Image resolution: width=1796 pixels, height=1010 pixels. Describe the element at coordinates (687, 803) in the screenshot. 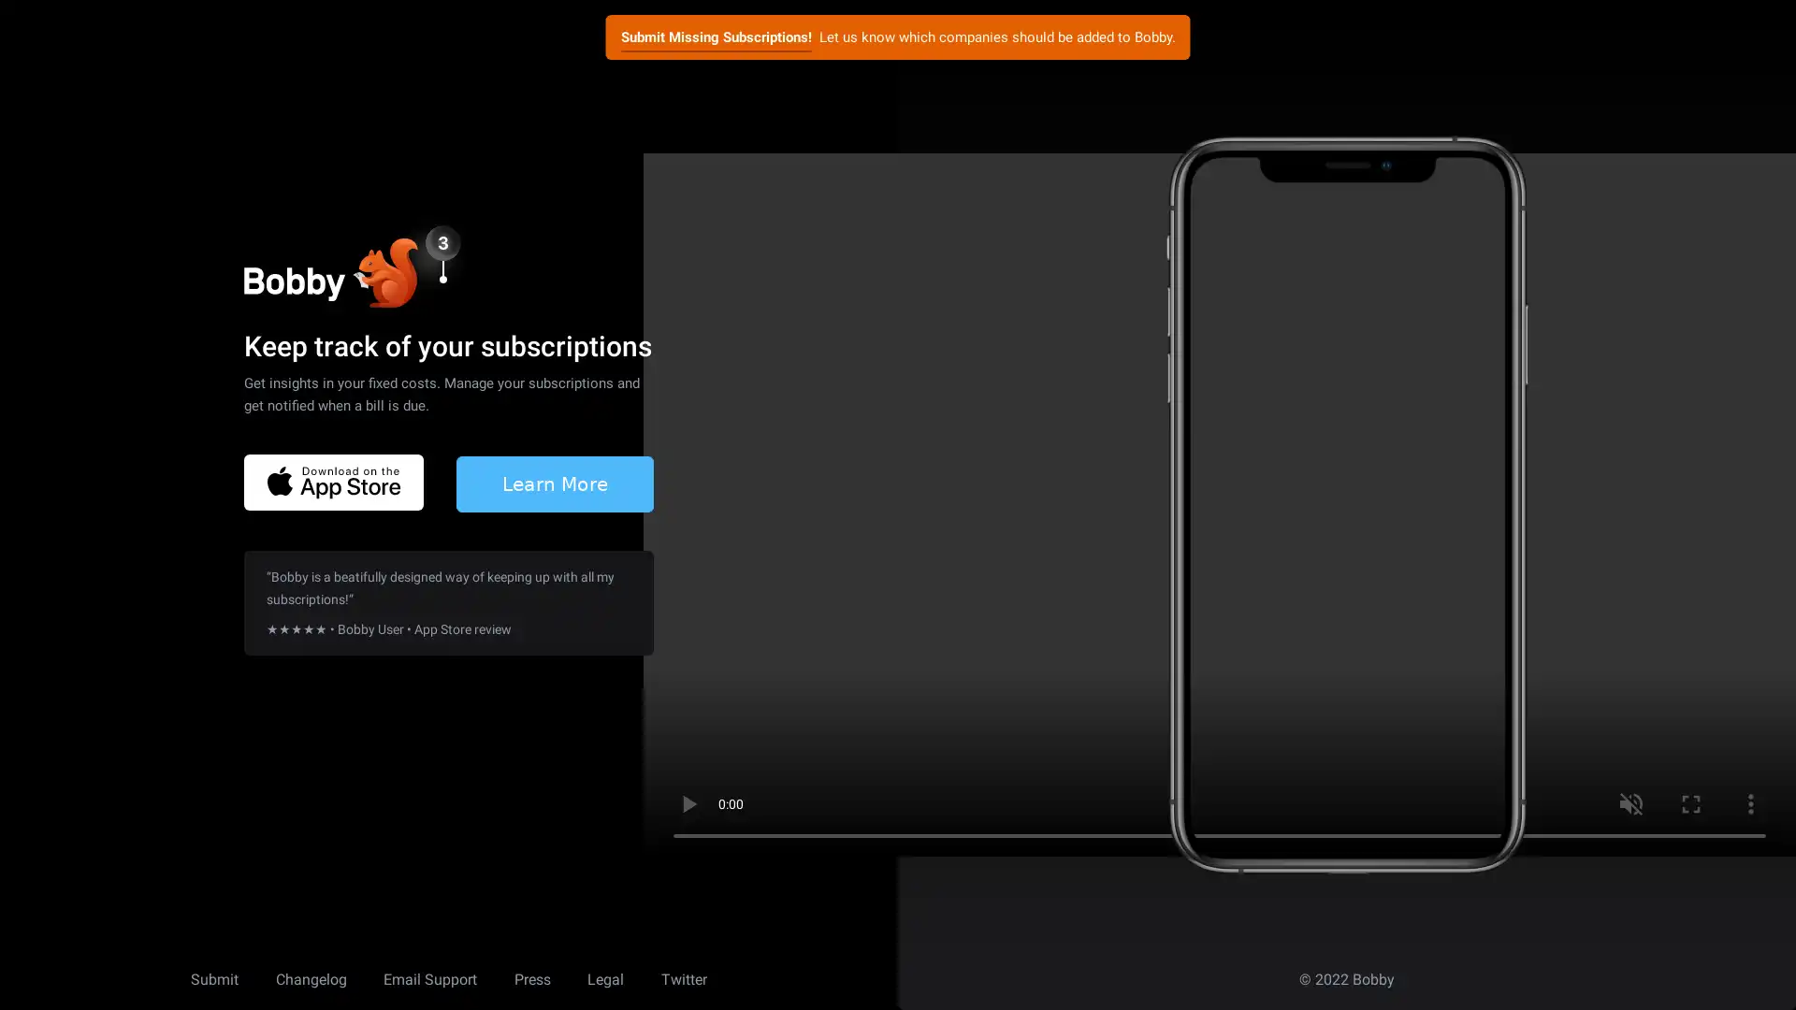

I see `play` at that location.